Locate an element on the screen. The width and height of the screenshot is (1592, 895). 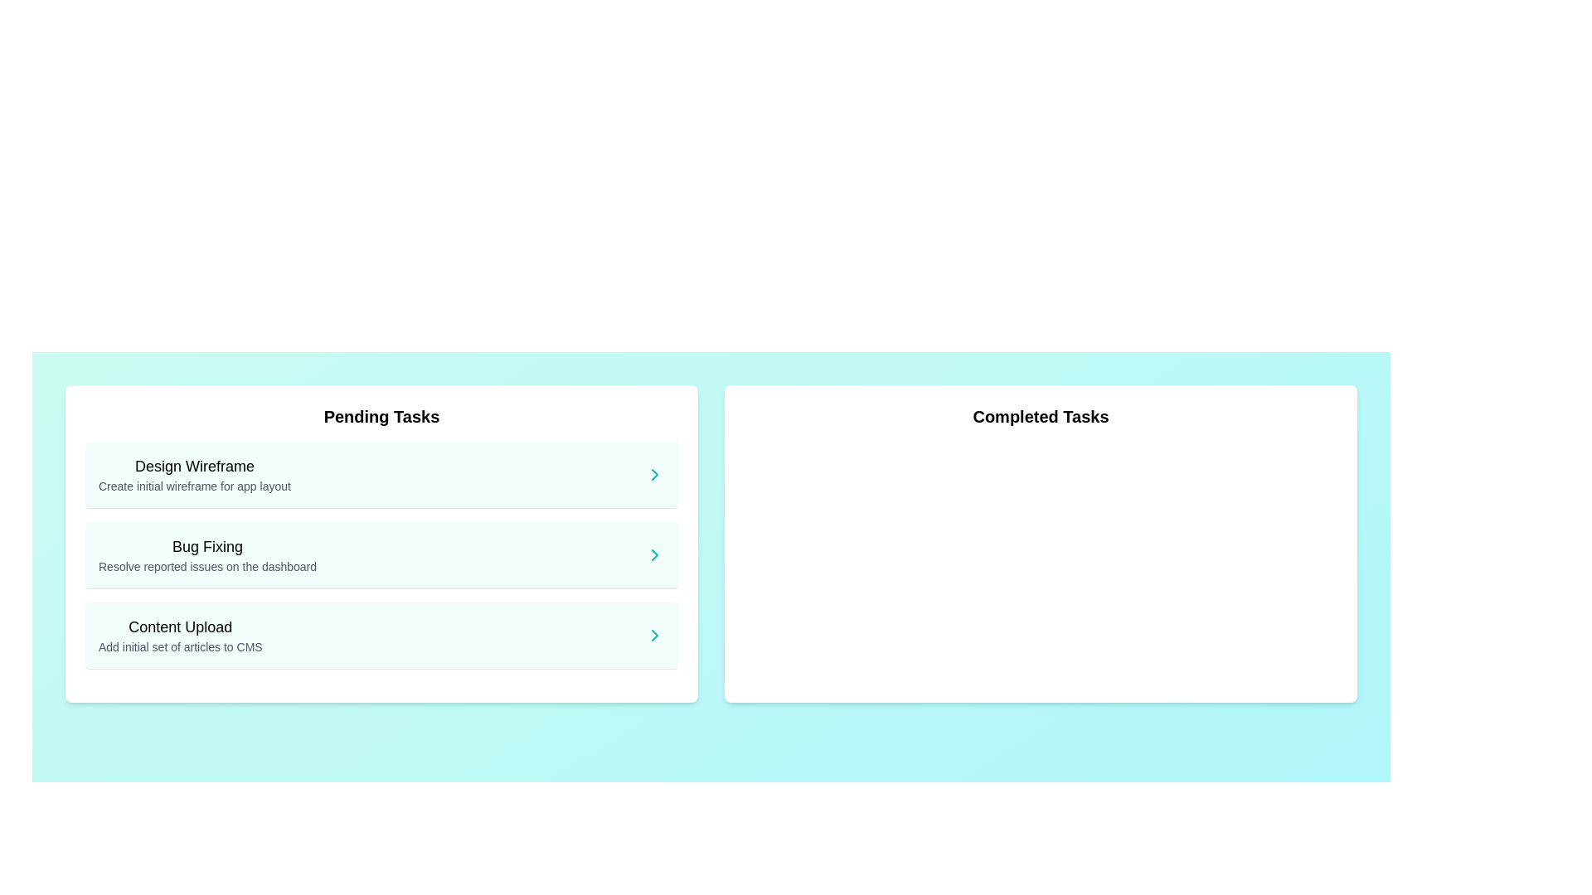
the 'Design Wireframe' task card with a light teal background is located at coordinates (381, 475).